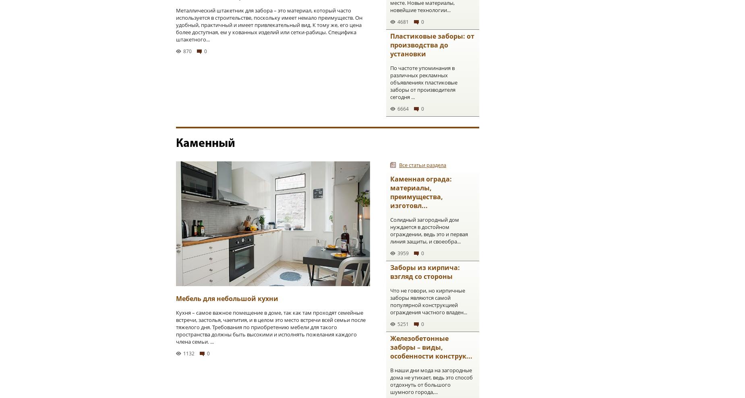 Image resolution: width=745 pixels, height=398 pixels. Describe the element at coordinates (420, 192) in the screenshot. I see `'Каменная ограда: материалы, преимущества, изготовл...'` at that location.